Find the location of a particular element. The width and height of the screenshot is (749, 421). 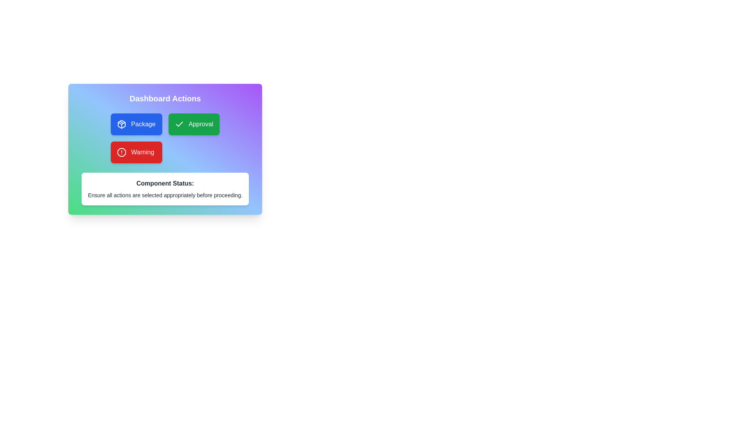

the checkmark icon within the green 'Approval' button located at the top-right of the 'Dashboard Actions' set is located at coordinates (179, 124).